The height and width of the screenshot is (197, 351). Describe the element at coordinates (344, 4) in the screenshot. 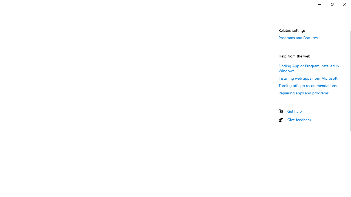

I see `'Close Settings'` at that location.